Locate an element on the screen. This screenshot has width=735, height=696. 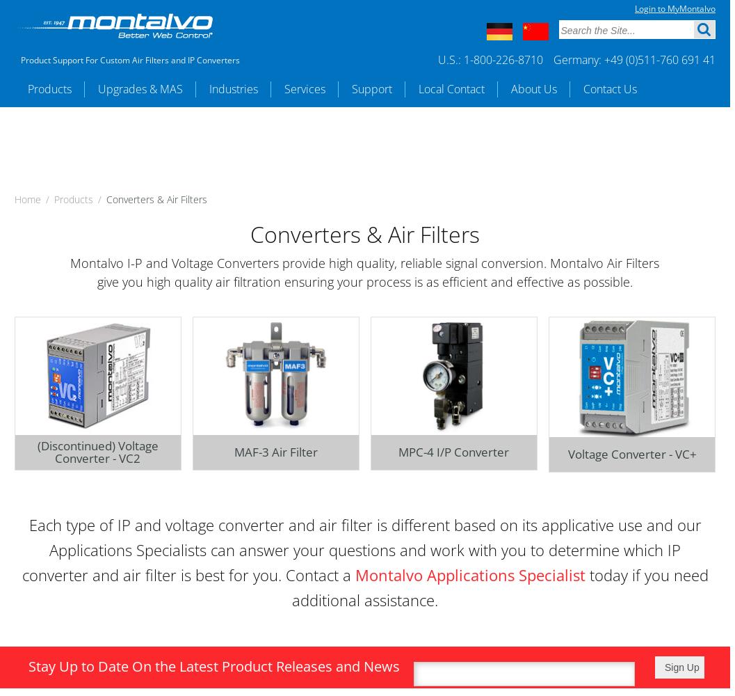
'Support' is located at coordinates (371, 88).